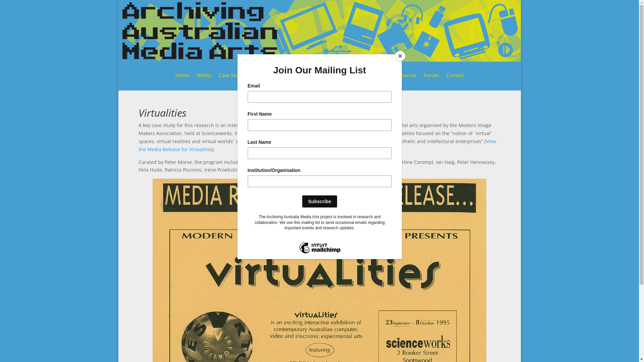  What do you see at coordinates (431, 79) in the screenshot?
I see `'Forum'` at bounding box center [431, 79].